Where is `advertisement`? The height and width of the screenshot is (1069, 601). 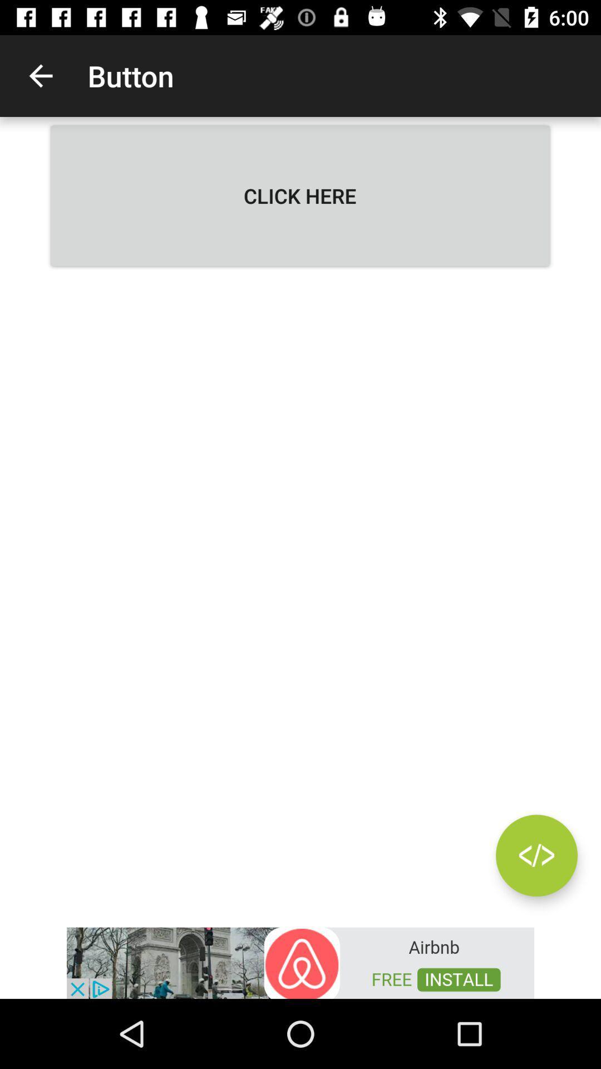
advertisement is located at coordinates (300, 962).